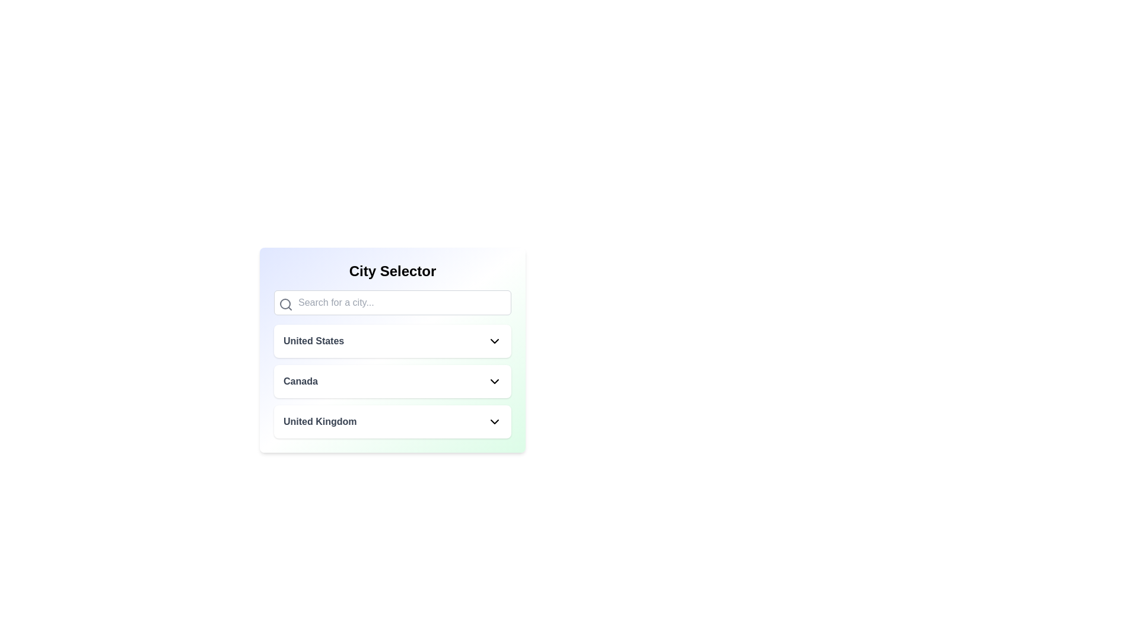 The image size is (1139, 640). Describe the element at coordinates (495, 421) in the screenshot. I see `the downward-pointing chevron icon of the 'United Kingdom' dropdown list item` at that location.